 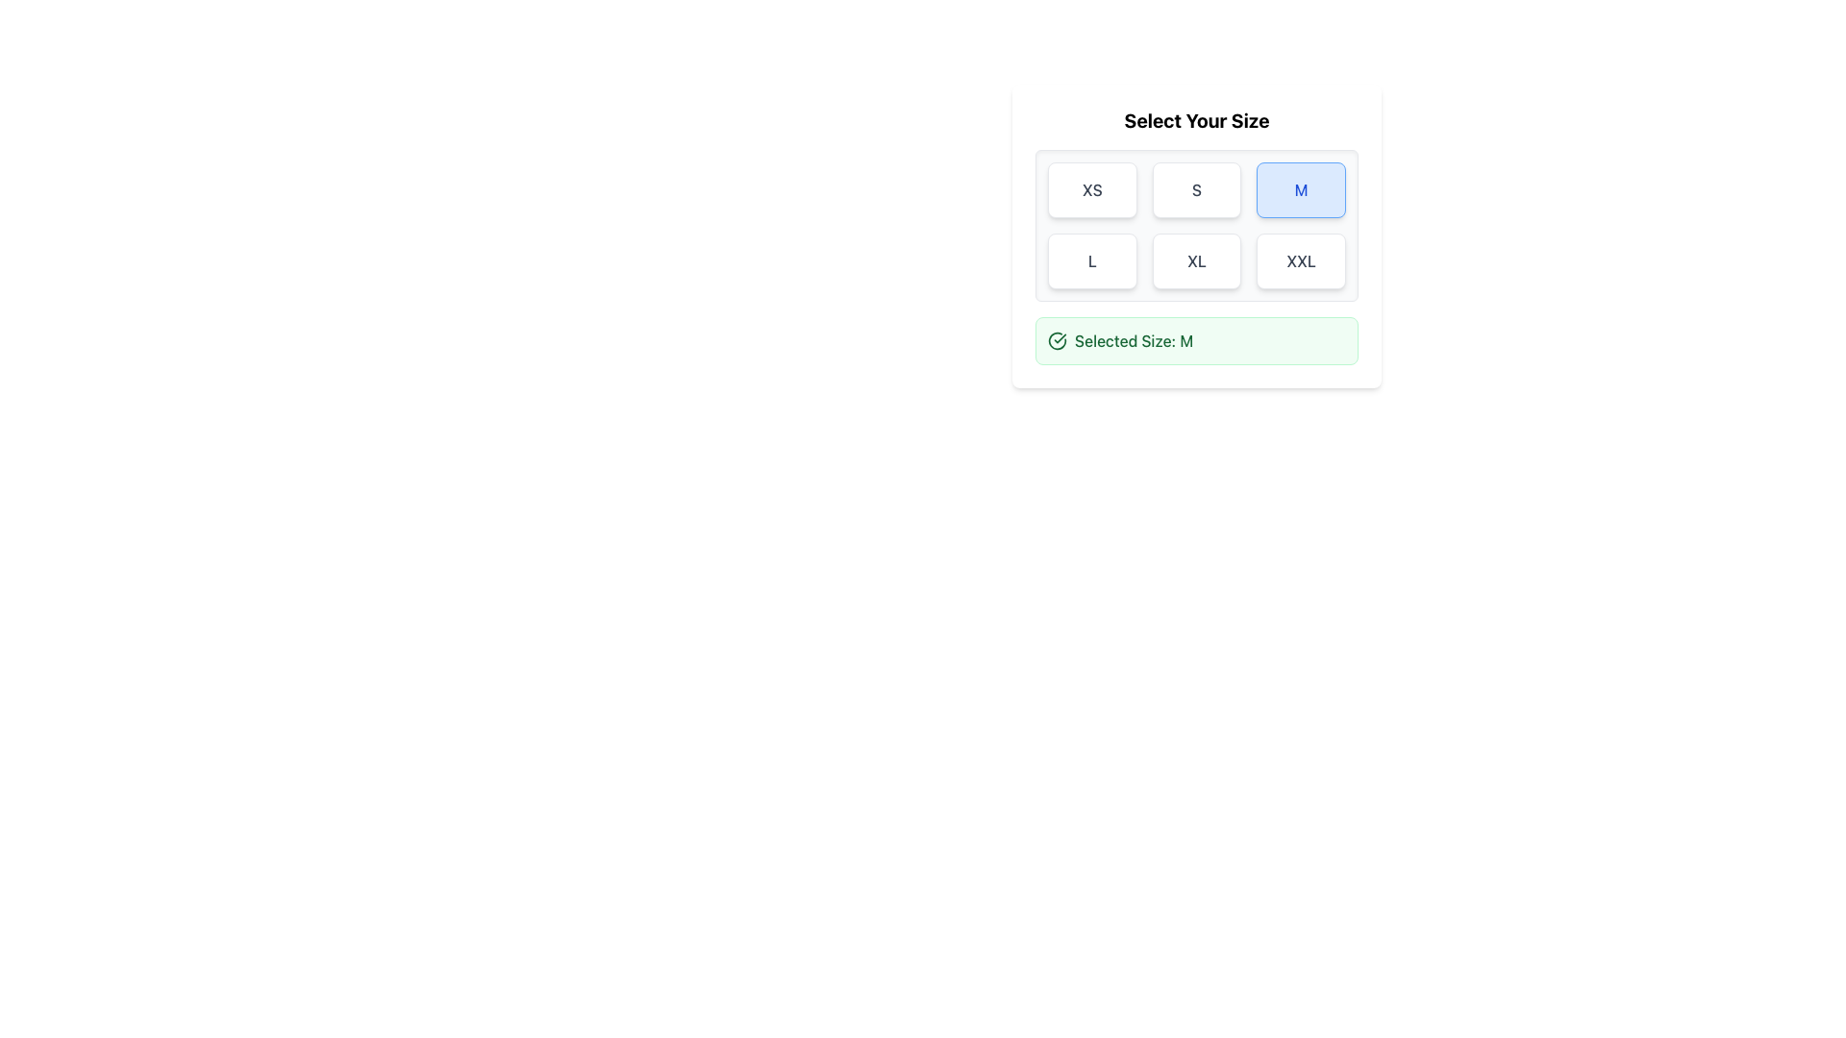 I want to click on the button displaying 'XXL' which is styled with rounded corners and a white background, located in the second row, third column of the size selection grid, so click(x=1301, y=261).